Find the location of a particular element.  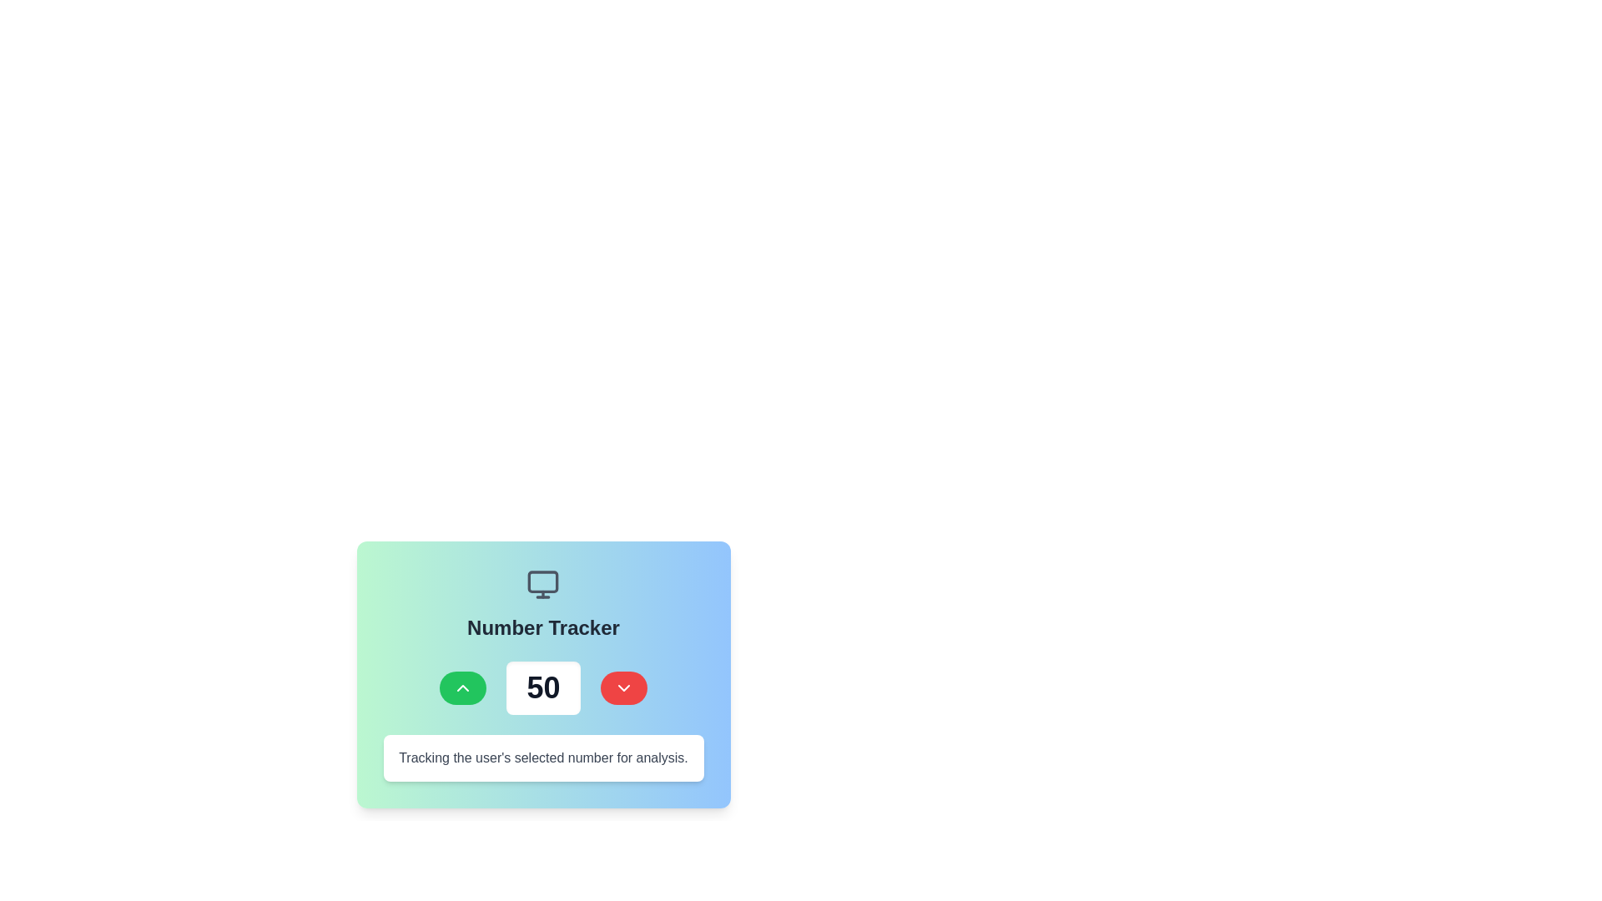

the informational text box located at the bottom of the card-like component, which presents descriptive information related to the user's selected number for analysis is located at coordinates (543, 758).